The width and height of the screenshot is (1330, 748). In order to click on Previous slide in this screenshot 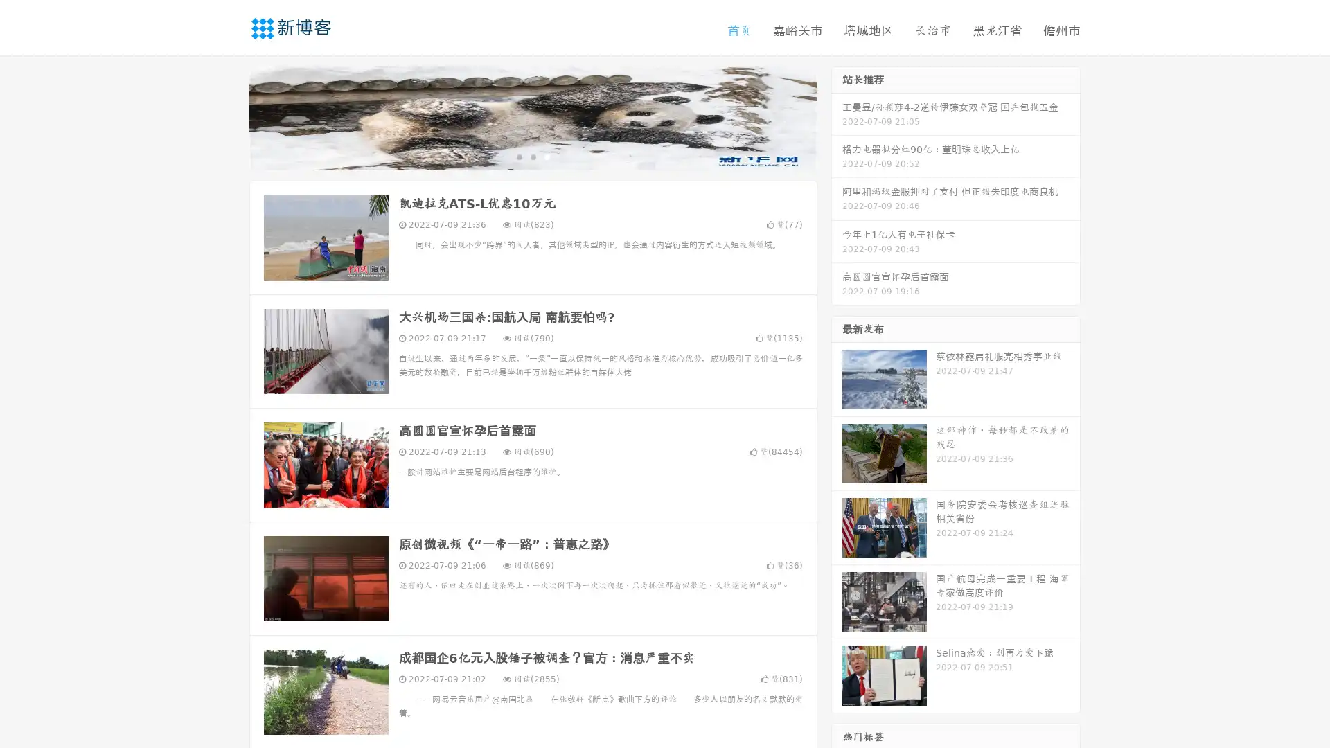, I will do `click(229, 116)`.